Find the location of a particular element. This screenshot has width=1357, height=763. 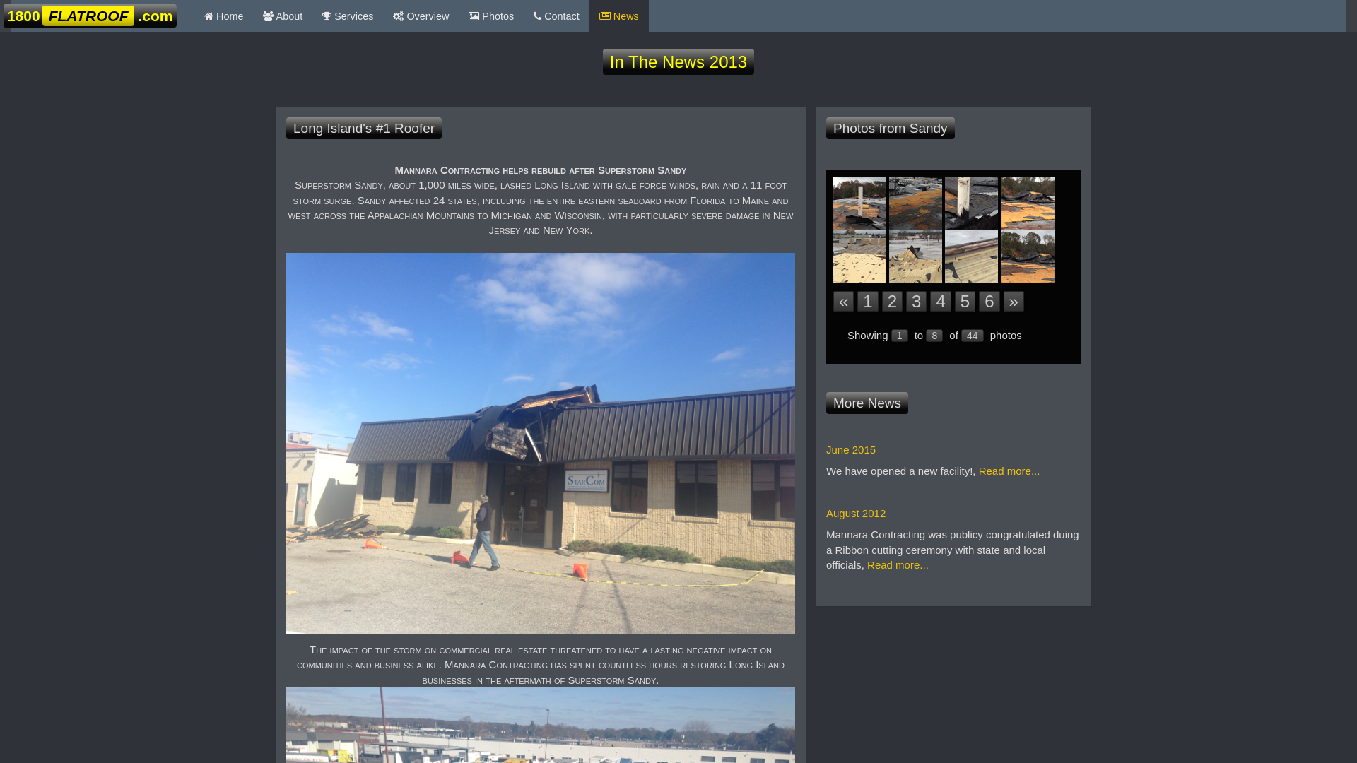

' News' is located at coordinates (619, 16).